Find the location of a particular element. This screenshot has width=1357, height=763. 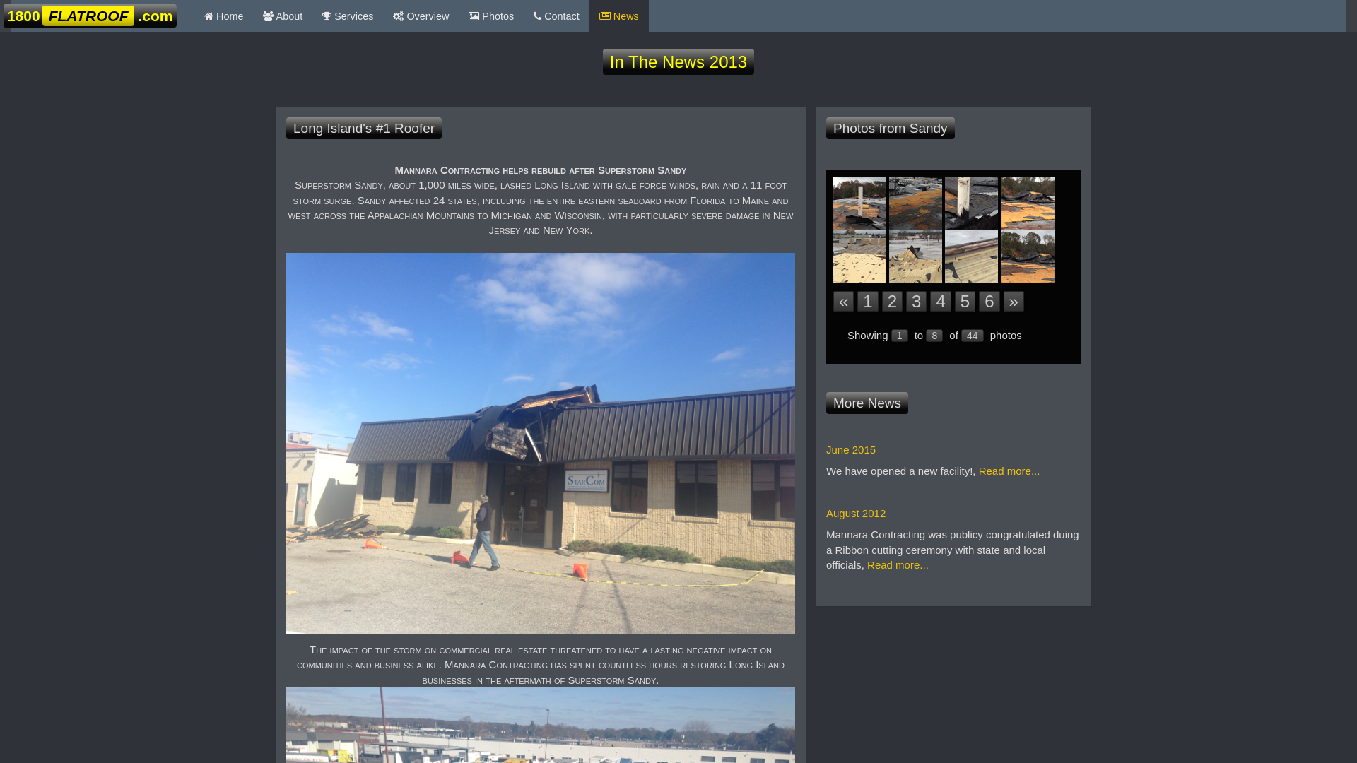

' News' is located at coordinates (619, 16).